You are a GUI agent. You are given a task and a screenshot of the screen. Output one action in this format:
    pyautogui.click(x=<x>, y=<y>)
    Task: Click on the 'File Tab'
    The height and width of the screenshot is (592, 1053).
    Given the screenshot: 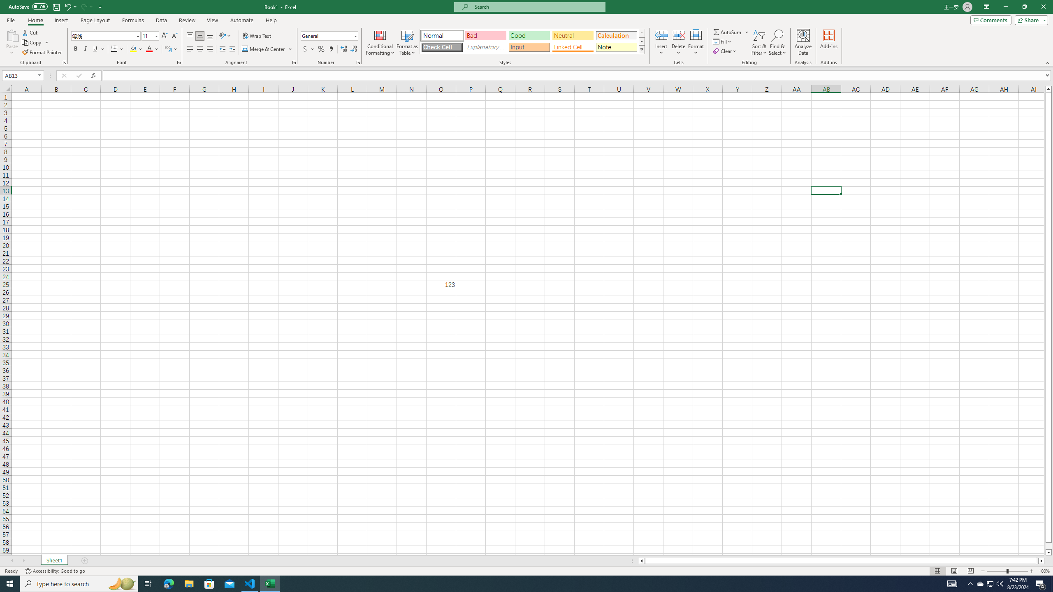 What is the action you would take?
    pyautogui.click(x=10, y=19)
    